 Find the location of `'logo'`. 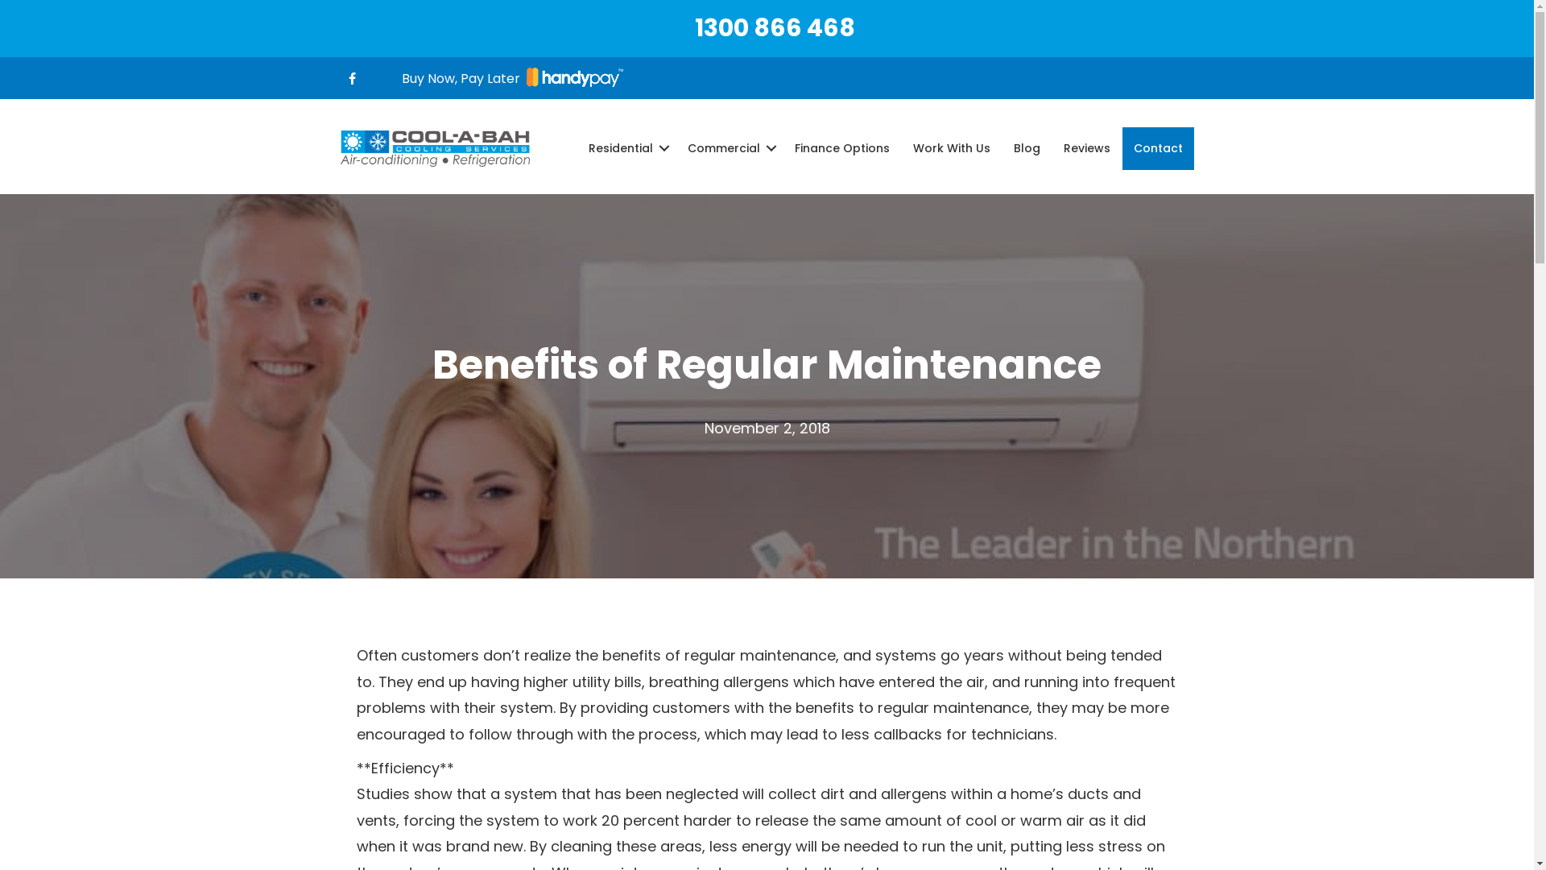

'logo' is located at coordinates (434, 149).